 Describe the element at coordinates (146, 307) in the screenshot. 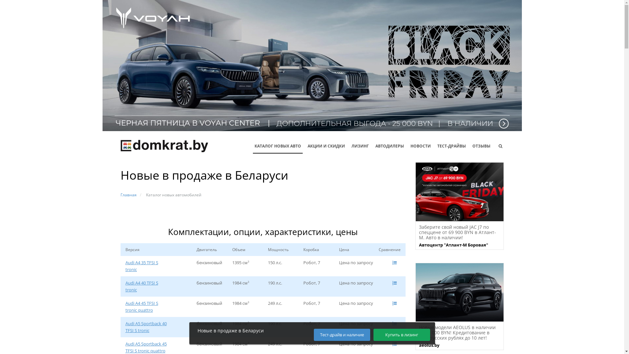

I see `'Audi A4 45 TFSI S tronic quattro'` at that location.